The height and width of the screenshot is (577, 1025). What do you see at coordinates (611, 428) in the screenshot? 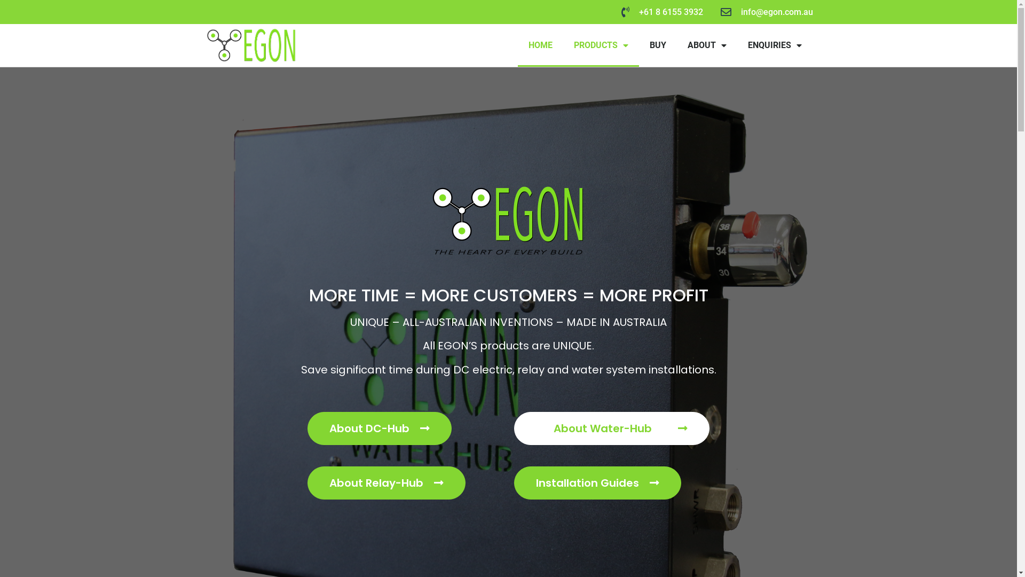
I see `'About Water-Hub'` at bounding box center [611, 428].